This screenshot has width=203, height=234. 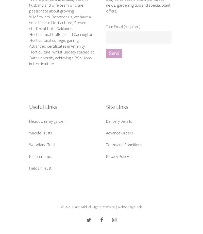 I want to click on 'National Trust', so click(x=40, y=156).